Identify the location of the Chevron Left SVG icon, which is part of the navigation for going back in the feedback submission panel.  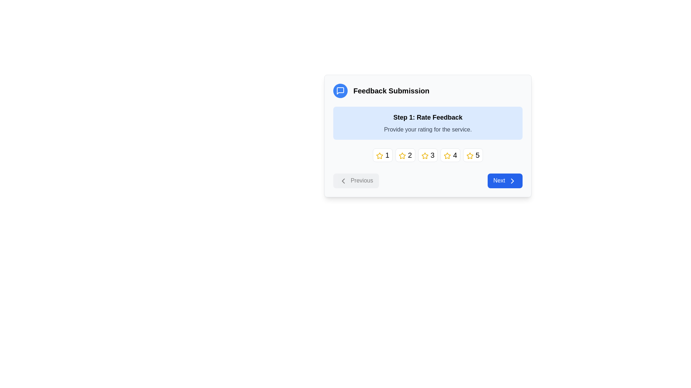
(343, 180).